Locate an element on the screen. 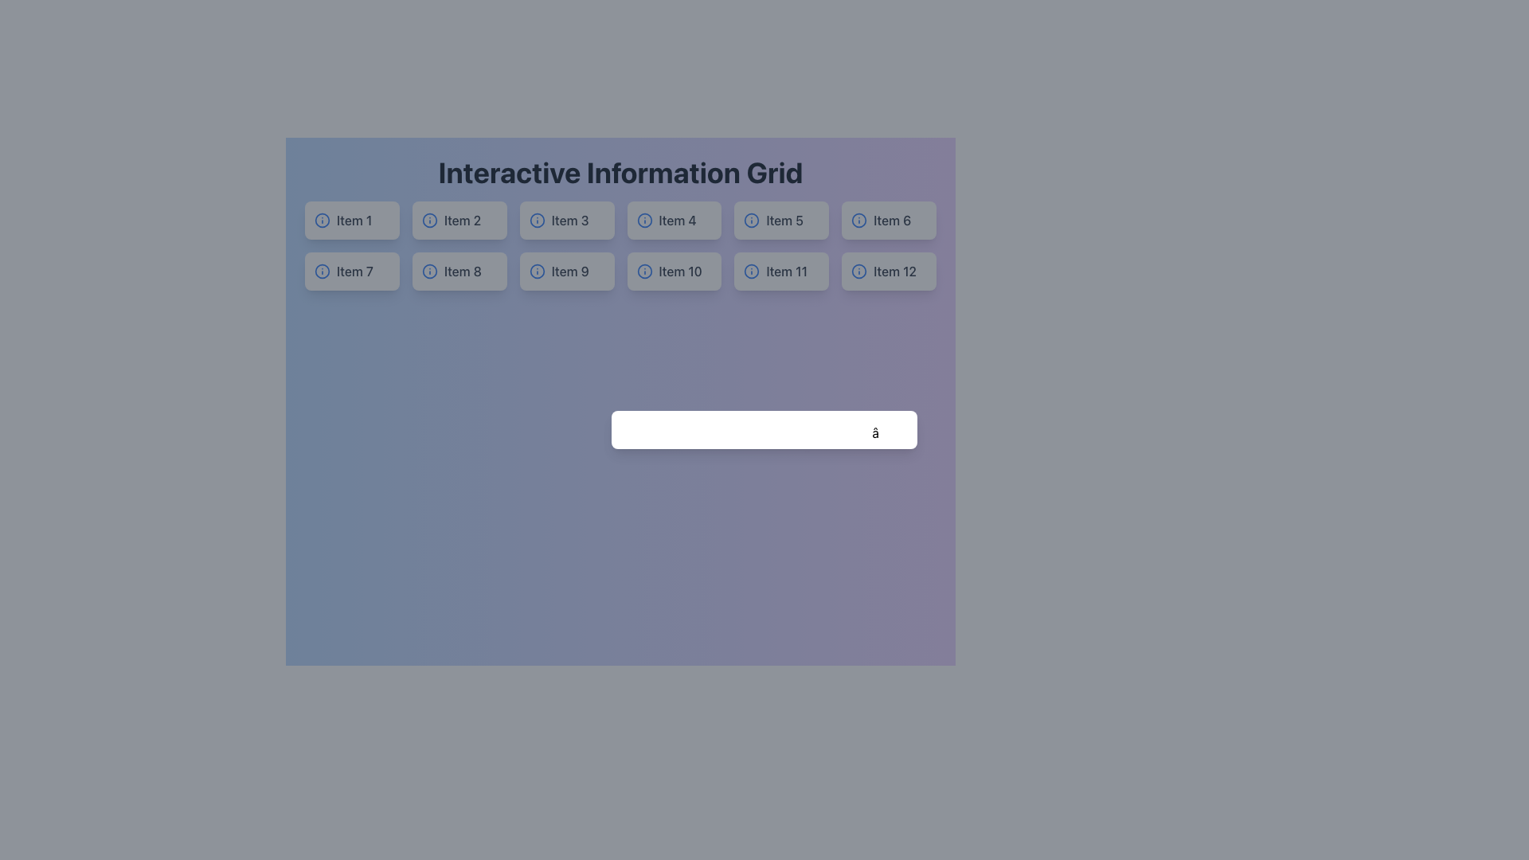 The width and height of the screenshot is (1529, 860). the text title 'Interactive Information Grid' which is styled in a bold, large font and is centrally positioned above the grid layout is located at coordinates (620, 172).